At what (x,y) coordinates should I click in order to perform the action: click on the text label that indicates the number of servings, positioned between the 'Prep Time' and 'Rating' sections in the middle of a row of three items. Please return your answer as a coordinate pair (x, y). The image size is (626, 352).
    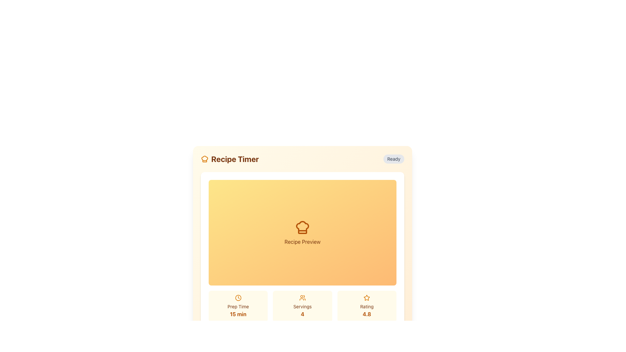
    Looking at the image, I should click on (302, 306).